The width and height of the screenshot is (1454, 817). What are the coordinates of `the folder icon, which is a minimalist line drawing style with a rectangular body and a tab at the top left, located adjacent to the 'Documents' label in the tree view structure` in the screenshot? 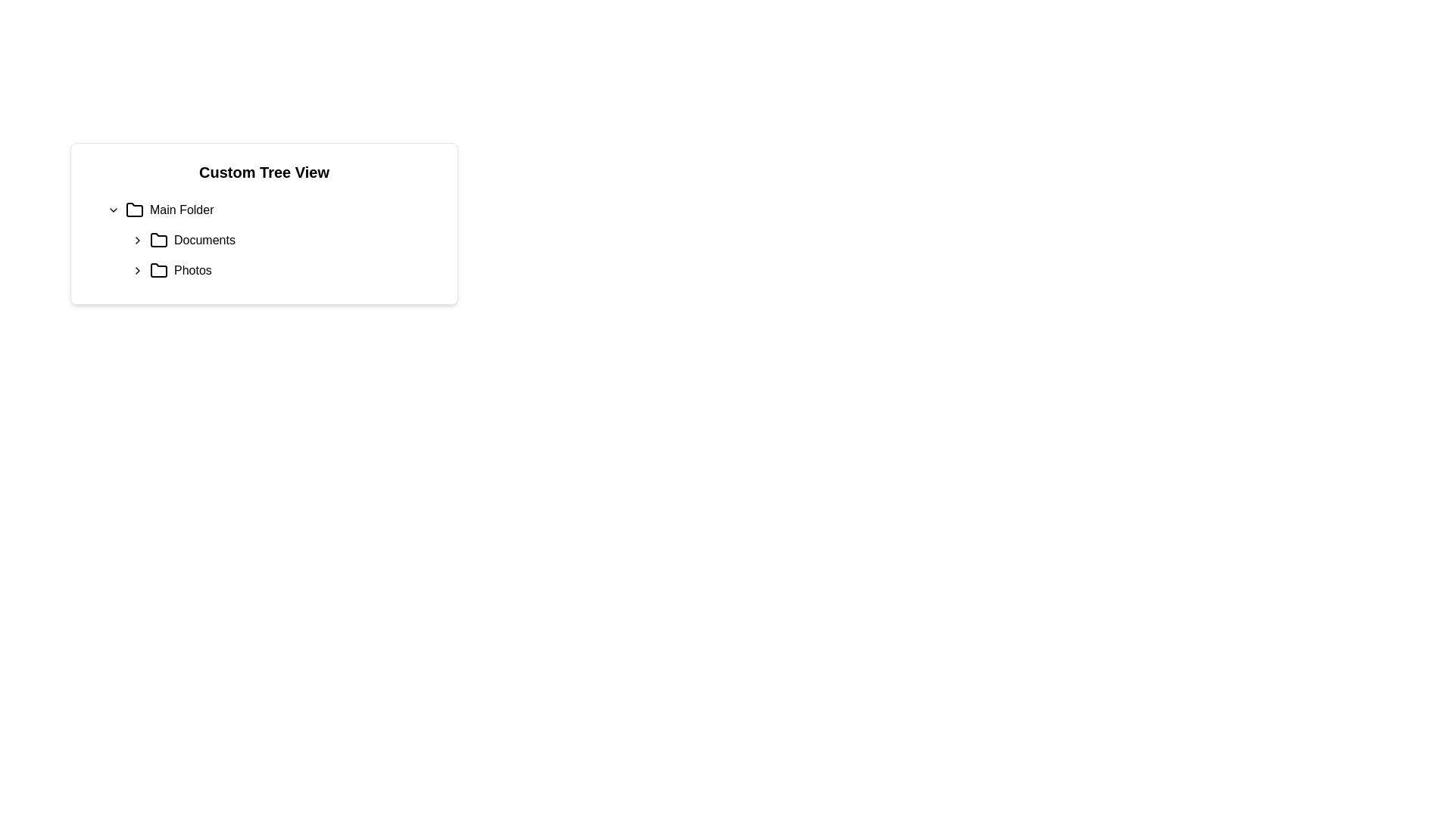 It's located at (159, 239).